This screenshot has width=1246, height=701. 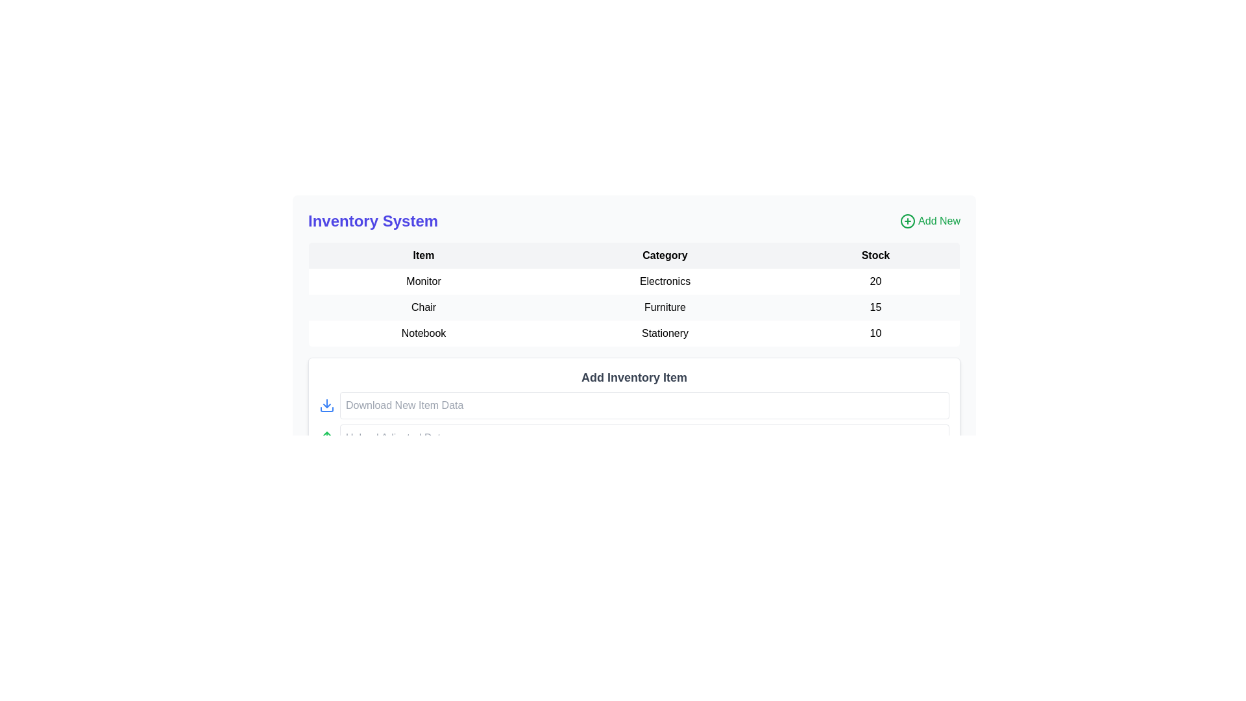 What do you see at coordinates (907, 220) in the screenshot?
I see `the addition icon located at the top-right corner of the interface, next to the 'Add New' text` at bounding box center [907, 220].